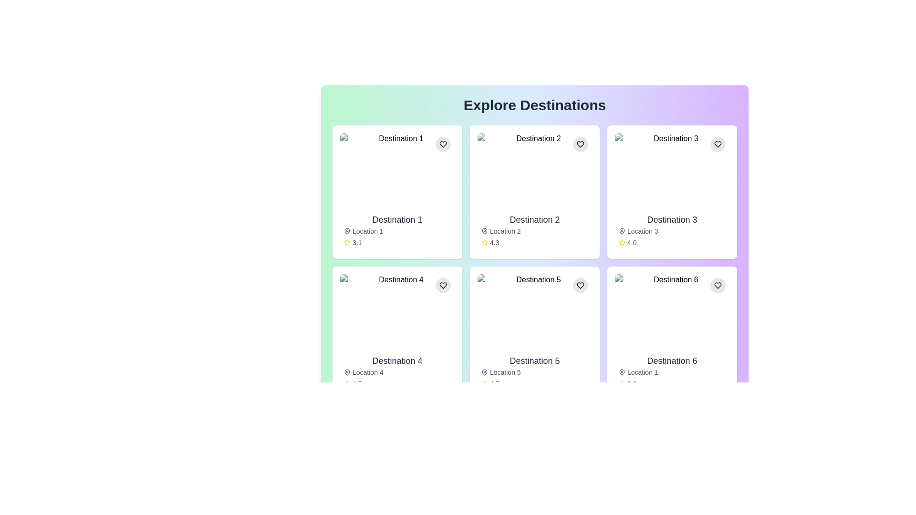 This screenshot has width=916, height=515. What do you see at coordinates (672, 332) in the screenshot?
I see `the card located in the bottom-right position of the grid layout` at bounding box center [672, 332].